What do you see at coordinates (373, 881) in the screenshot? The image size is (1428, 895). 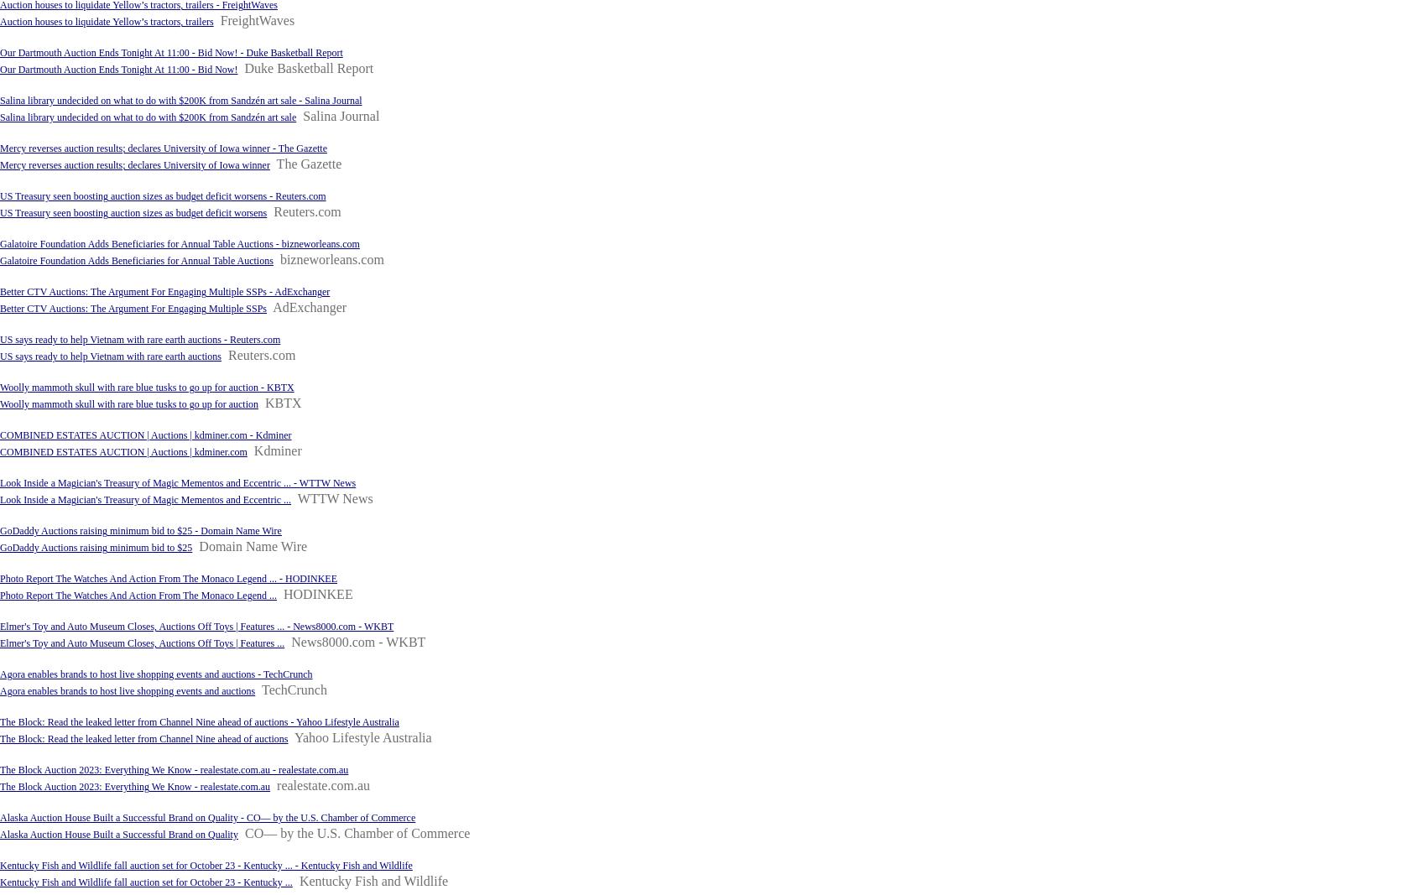 I see `'Kentucky Fish and Wildlife'` at bounding box center [373, 881].